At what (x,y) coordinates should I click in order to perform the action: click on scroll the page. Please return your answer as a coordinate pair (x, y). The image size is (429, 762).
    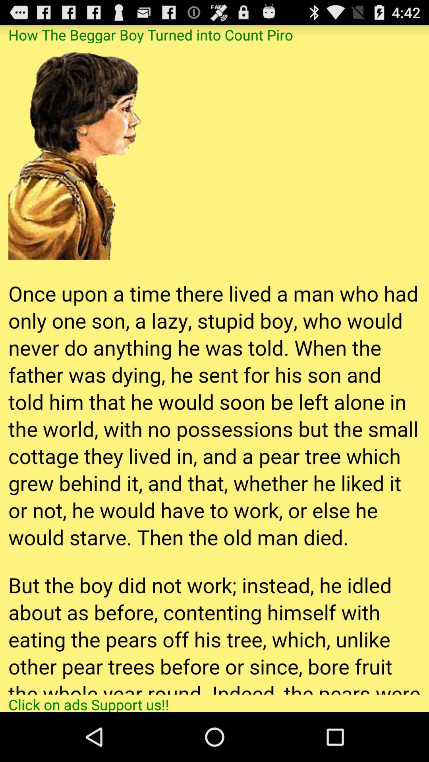
    Looking at the image, I should click on (214, 368).